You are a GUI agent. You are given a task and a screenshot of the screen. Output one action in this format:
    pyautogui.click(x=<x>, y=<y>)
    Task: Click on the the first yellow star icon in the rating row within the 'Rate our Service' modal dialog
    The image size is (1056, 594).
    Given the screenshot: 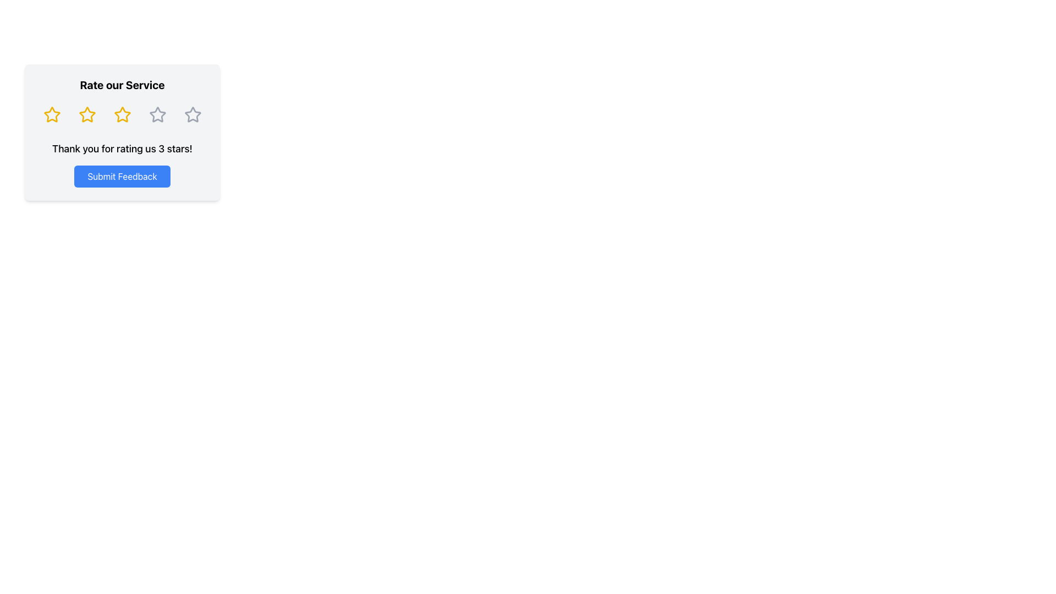 What is the action you would take?
    pyautogui.click(x=51, y=114)
    